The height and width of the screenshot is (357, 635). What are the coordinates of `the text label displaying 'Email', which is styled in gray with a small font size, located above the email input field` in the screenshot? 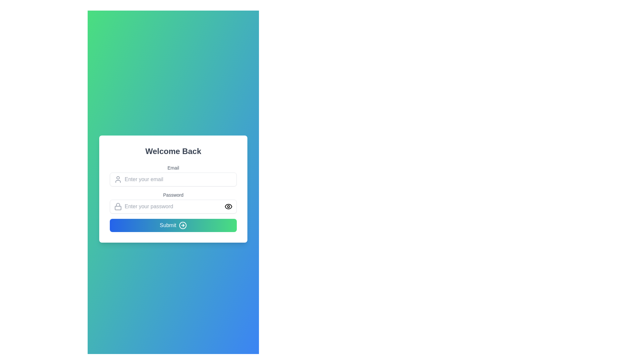 It's located at (173, 168).